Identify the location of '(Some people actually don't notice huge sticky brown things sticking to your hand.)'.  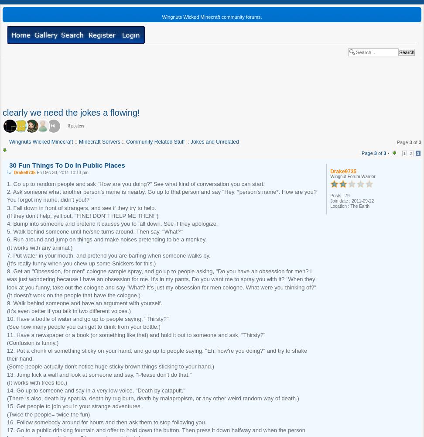
(110, 366).